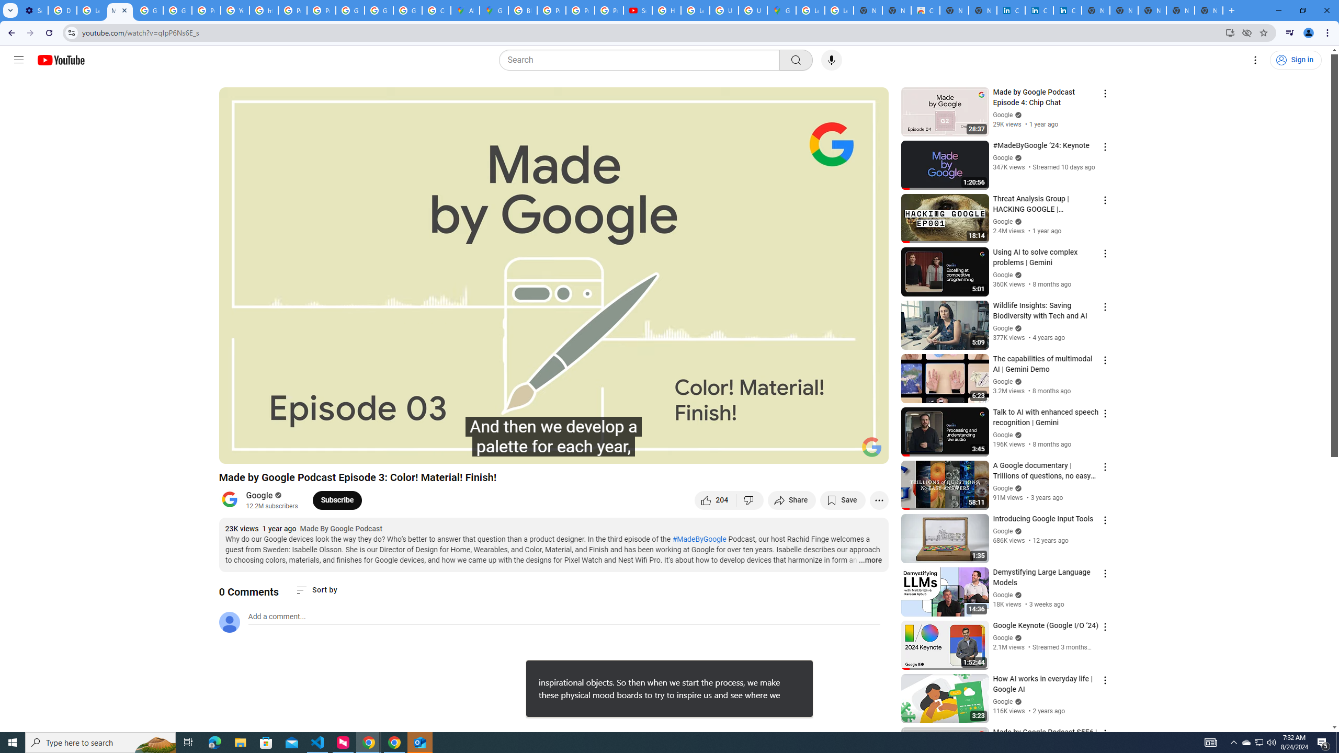 This screenshot has width=1339, height=753. I want to click on 'Sort comments', so click(316, 589).